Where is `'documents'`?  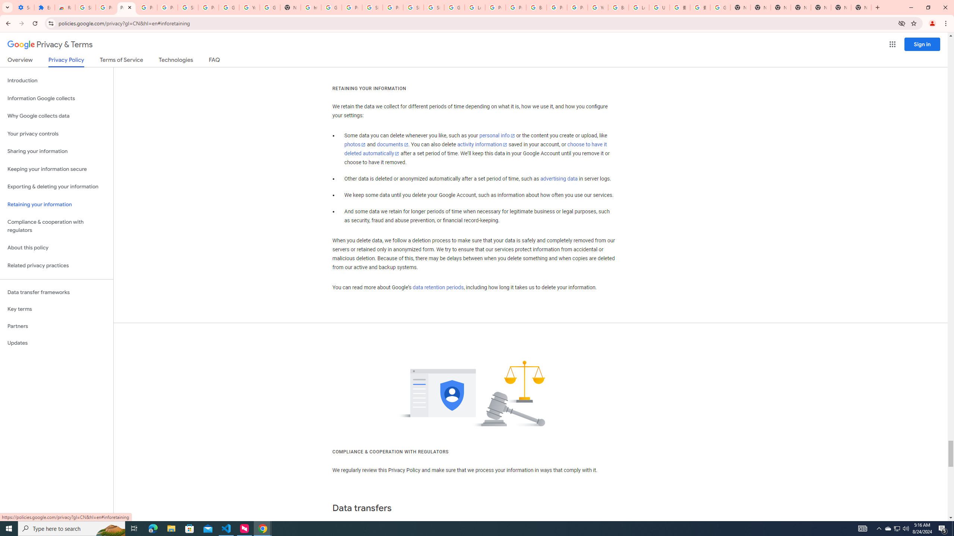 'documents' is located at coordinates (392, 144).